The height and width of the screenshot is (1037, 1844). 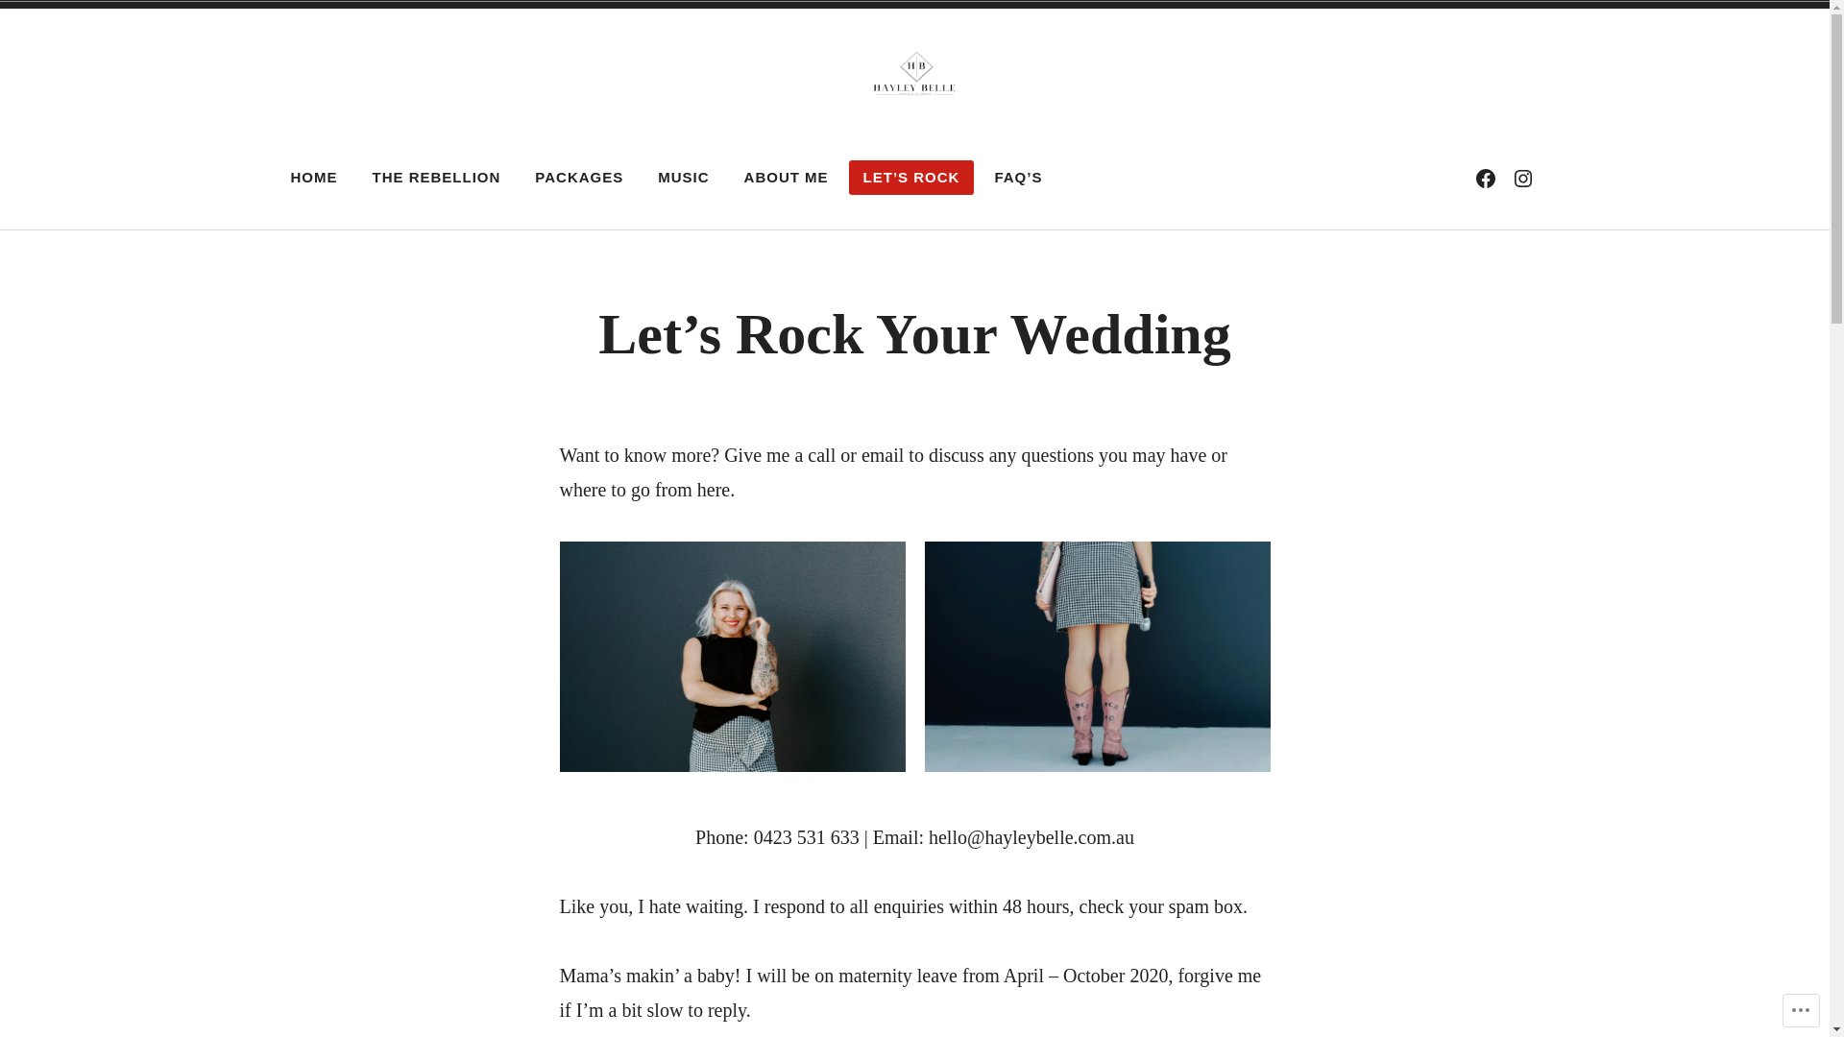 I want to click on 'HOME', so click(x=314, y=178).